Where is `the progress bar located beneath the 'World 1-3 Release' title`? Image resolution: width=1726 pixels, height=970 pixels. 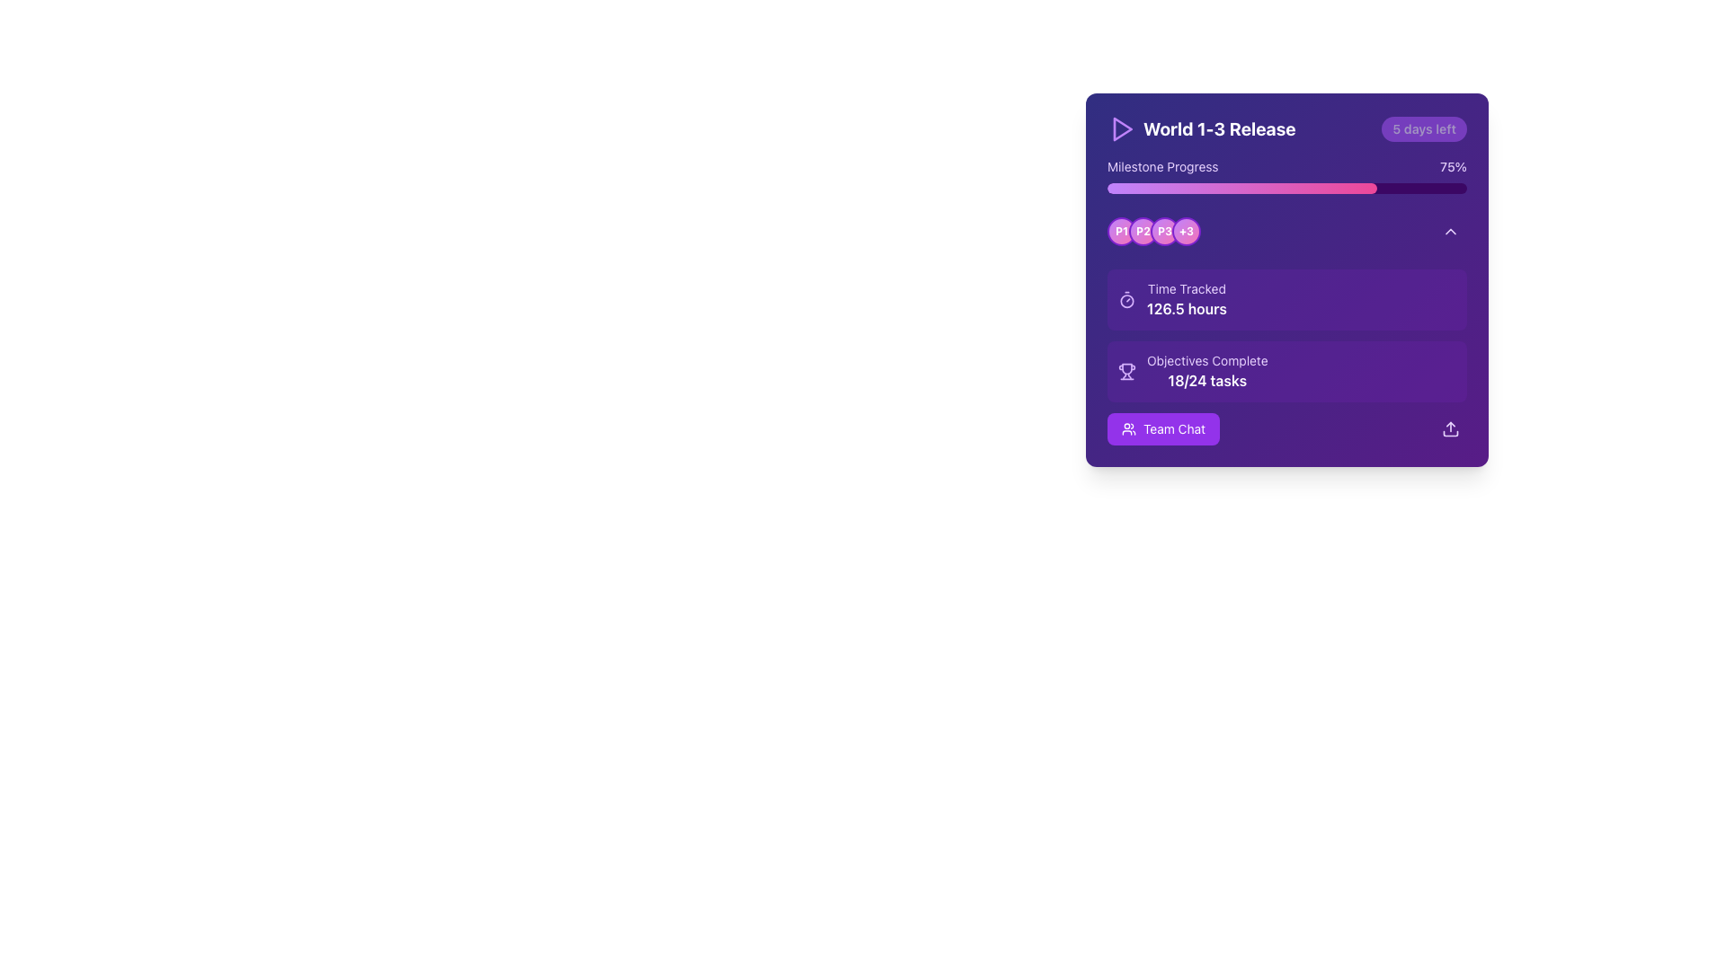 the progress bar located beneath the 'World 1-3 Release' title is located at coordinates (1286, 176).